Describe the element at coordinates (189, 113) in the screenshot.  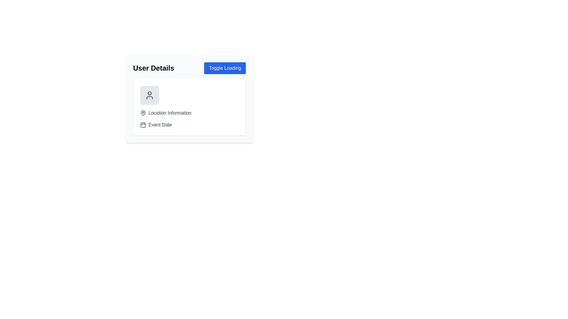
I see `the 'Location Information' label with the map pin icon, which is styled in medium gray and located below the 'User Details' header` at that location.